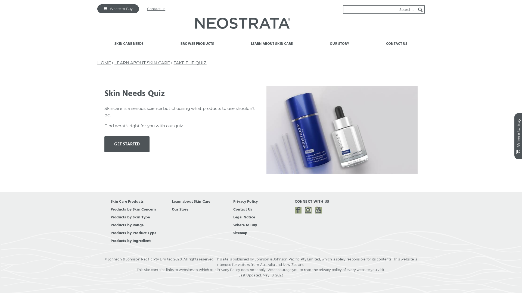 This screenshot has height=293, width=522. I want to click on 'Products by Product Type', so click(133, 233).